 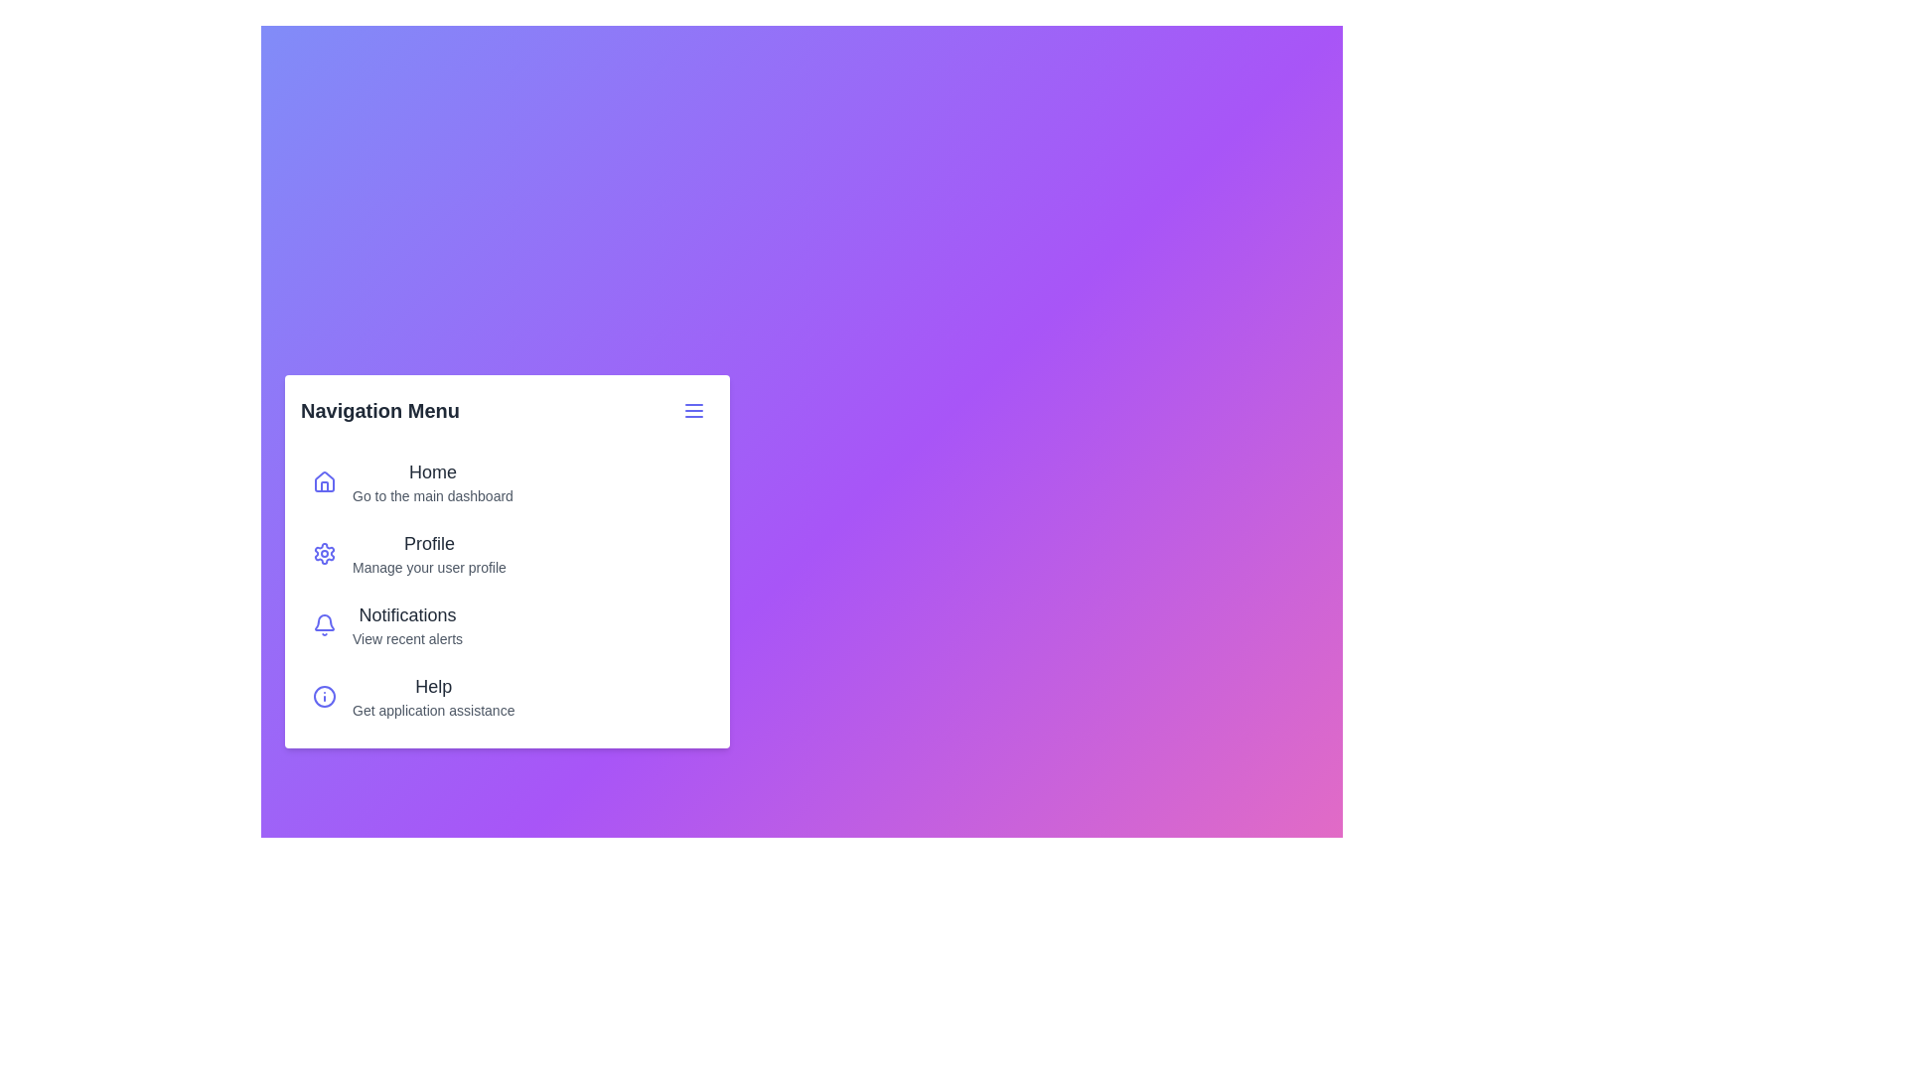 I want to click on the menu item labeled 'Profile' to navigate to its respective page, so click(x=507, y=554).